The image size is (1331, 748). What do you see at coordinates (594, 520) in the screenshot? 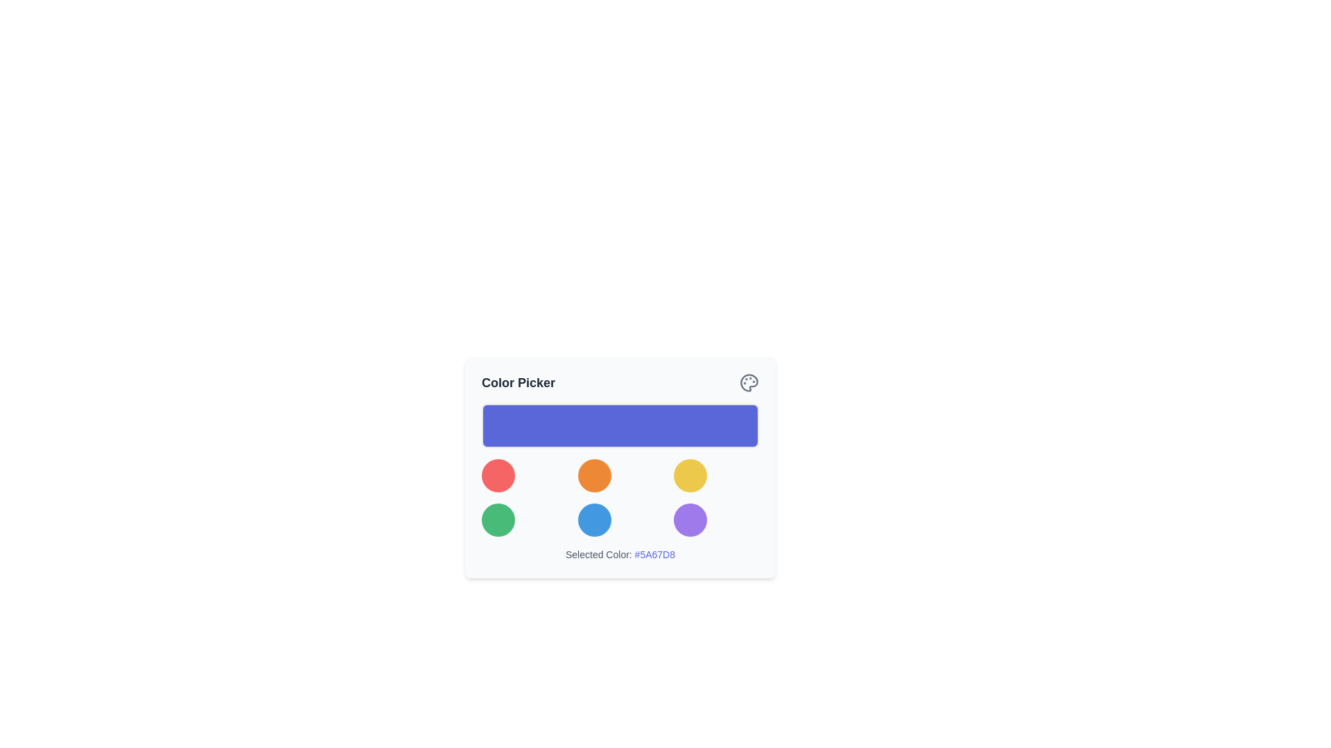
I see `the blue circular button located in the bottom row of the 'Color Picker' grid` at bounding box center [594, 520].